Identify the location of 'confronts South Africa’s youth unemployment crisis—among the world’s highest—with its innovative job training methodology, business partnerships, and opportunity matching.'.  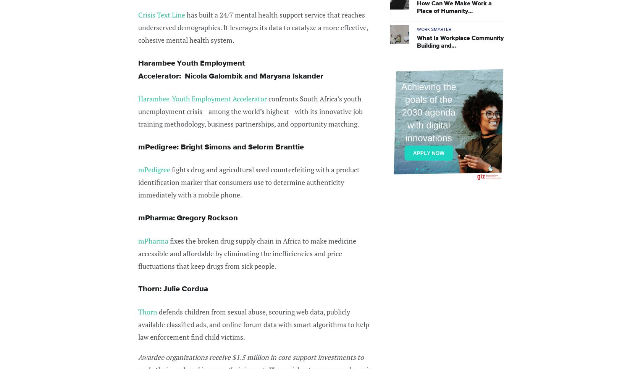
(250, 111).